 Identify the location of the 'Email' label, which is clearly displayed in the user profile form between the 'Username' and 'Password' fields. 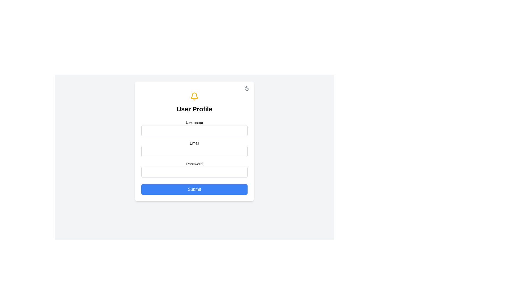
(194, 141).